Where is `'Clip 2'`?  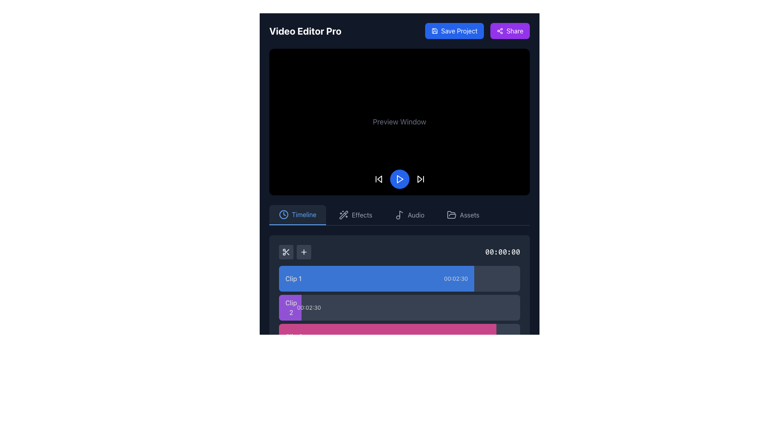 'Clip 2' is located at coordinates (399, 307).